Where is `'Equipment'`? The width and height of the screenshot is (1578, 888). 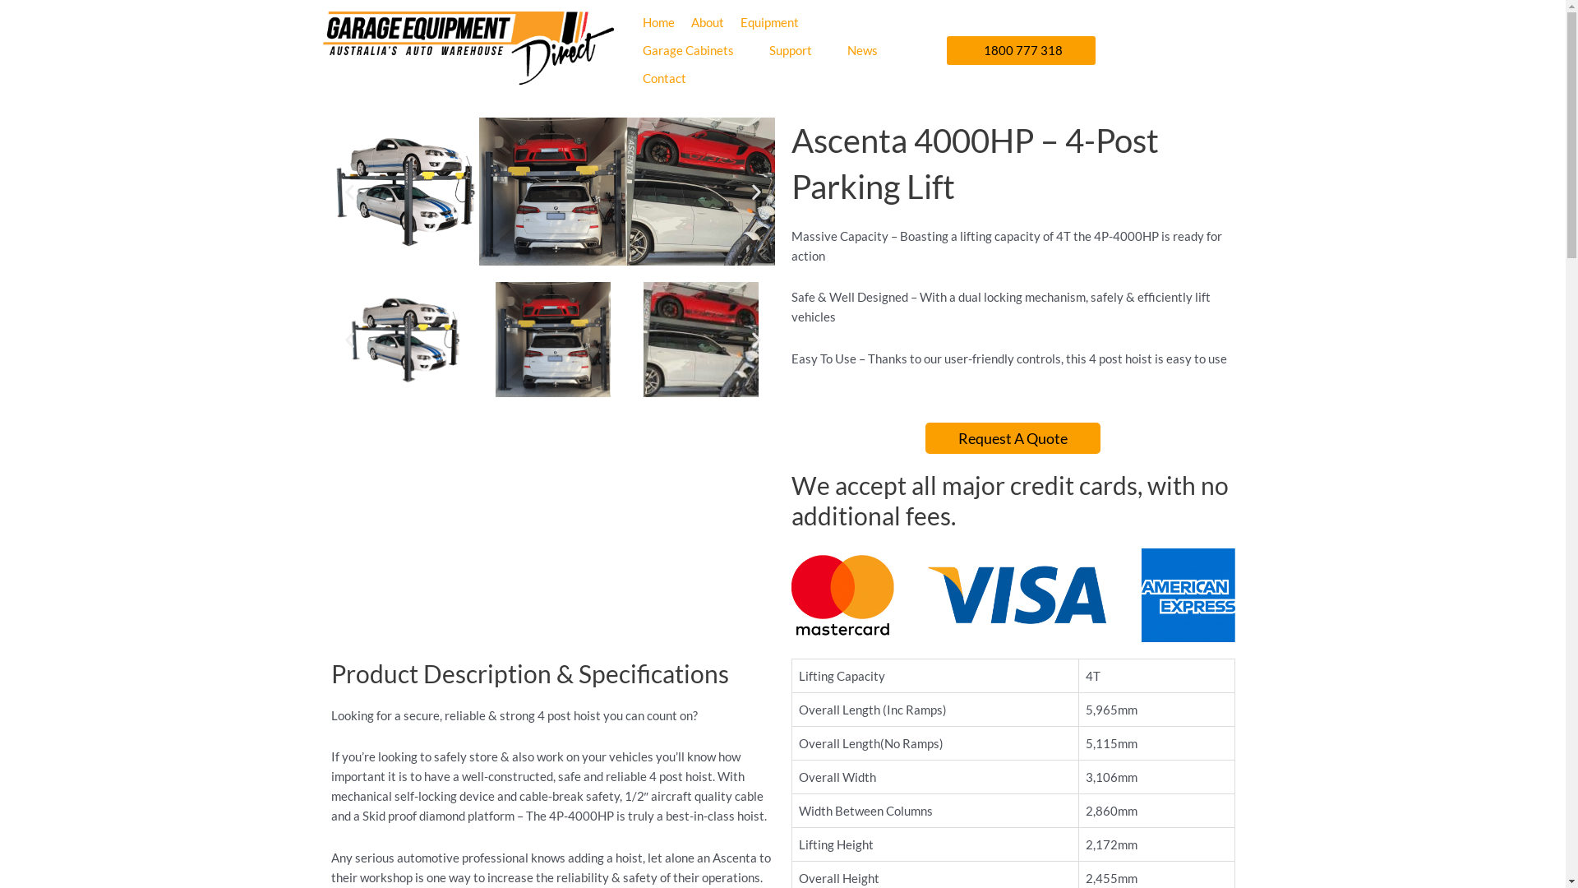
'Equipment' is located at coordinates (740, 22).